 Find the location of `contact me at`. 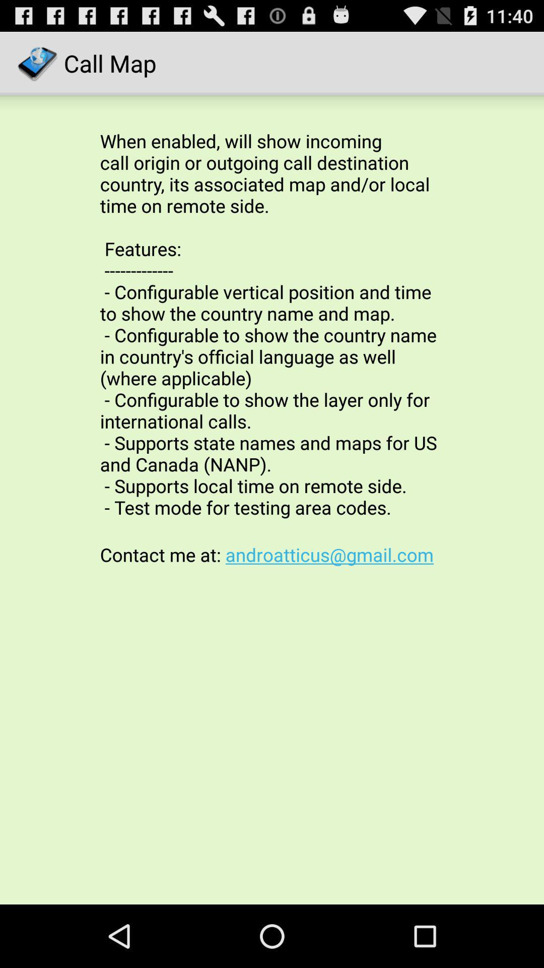

contact me at is located at coordinates (272, 554).